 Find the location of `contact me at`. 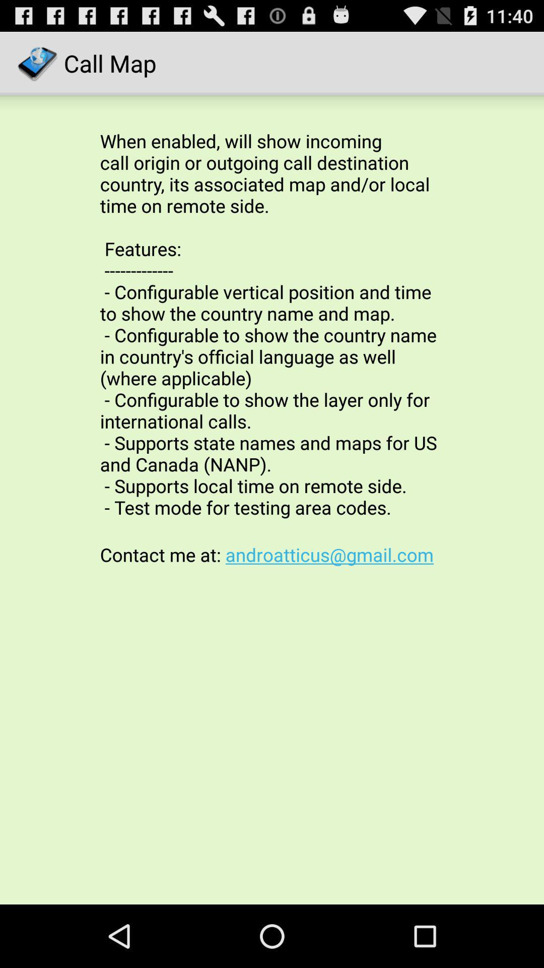

contact me at is located at coordinates (272, 554).